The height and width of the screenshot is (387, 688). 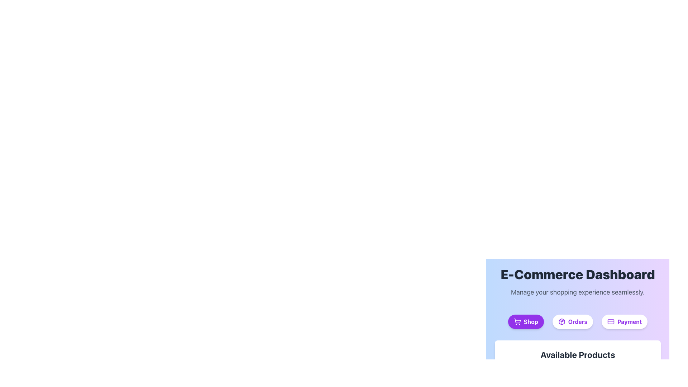 What do you see at coordinates (561, 321) in the screenshot?
I see `the Decorative icon resembling a cube or package, which is part of the button labeled 'Orders' located in the center section of the interface` at bounding box center [561, 321].